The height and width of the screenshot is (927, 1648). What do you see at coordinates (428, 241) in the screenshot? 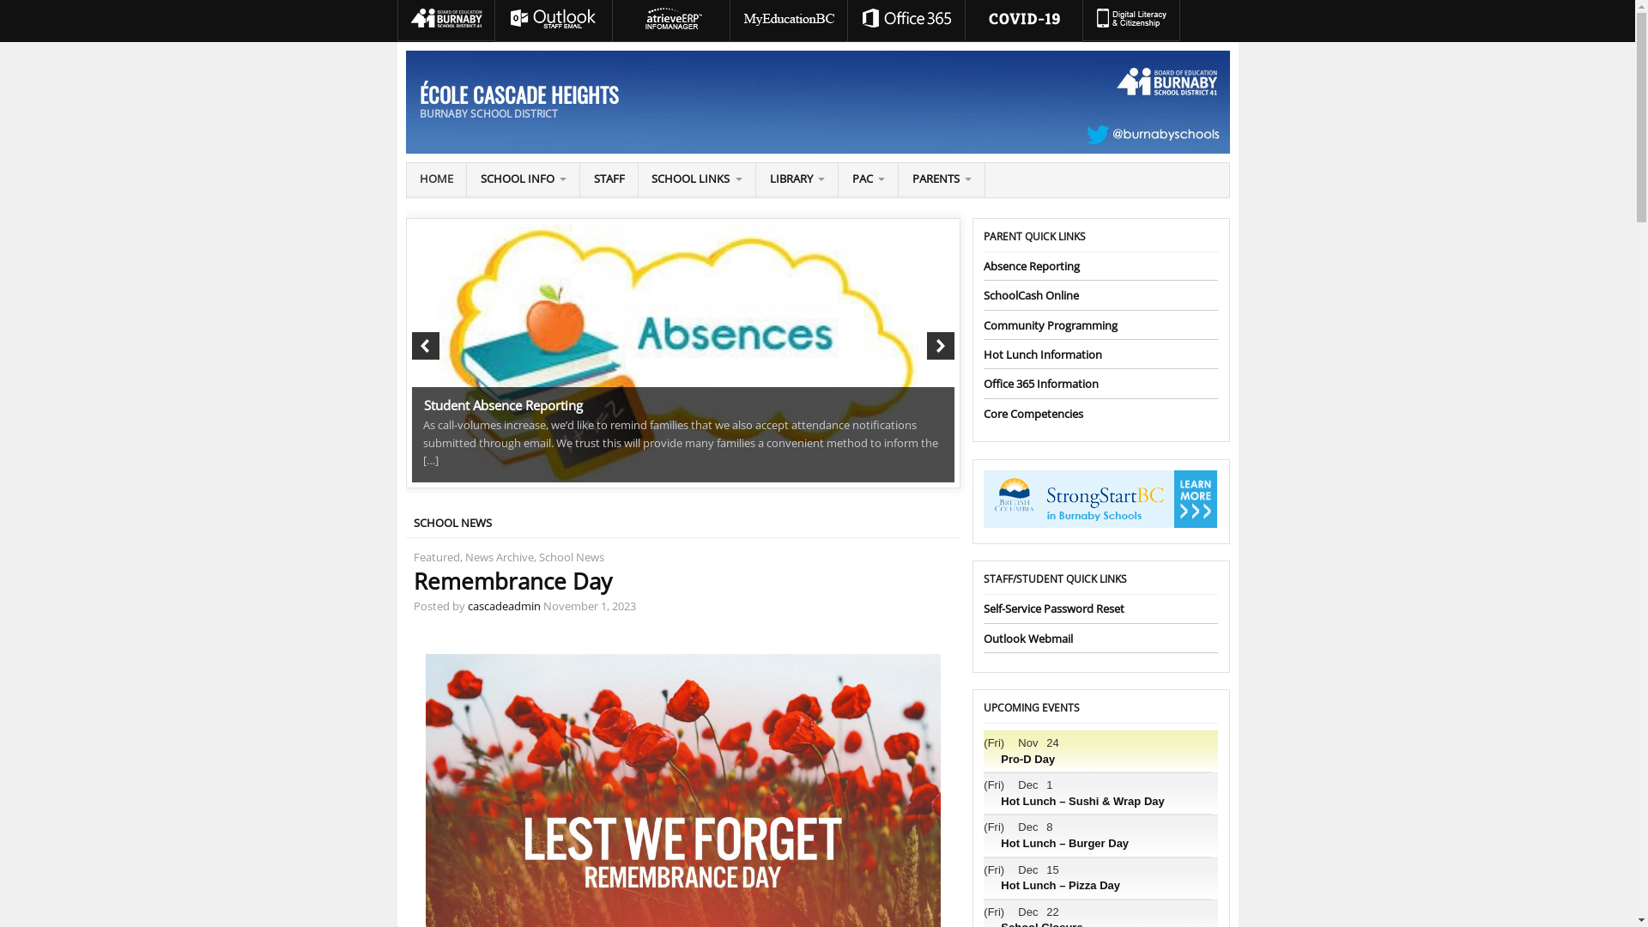
I see `'1'` at bounding box center [428, 241].